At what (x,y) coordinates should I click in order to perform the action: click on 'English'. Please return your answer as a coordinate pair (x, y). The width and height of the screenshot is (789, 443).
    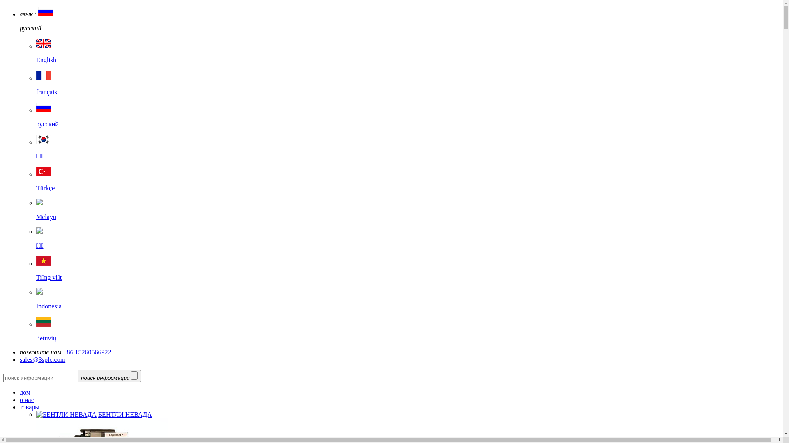
    Looking at the image, I should click on (35, 53).